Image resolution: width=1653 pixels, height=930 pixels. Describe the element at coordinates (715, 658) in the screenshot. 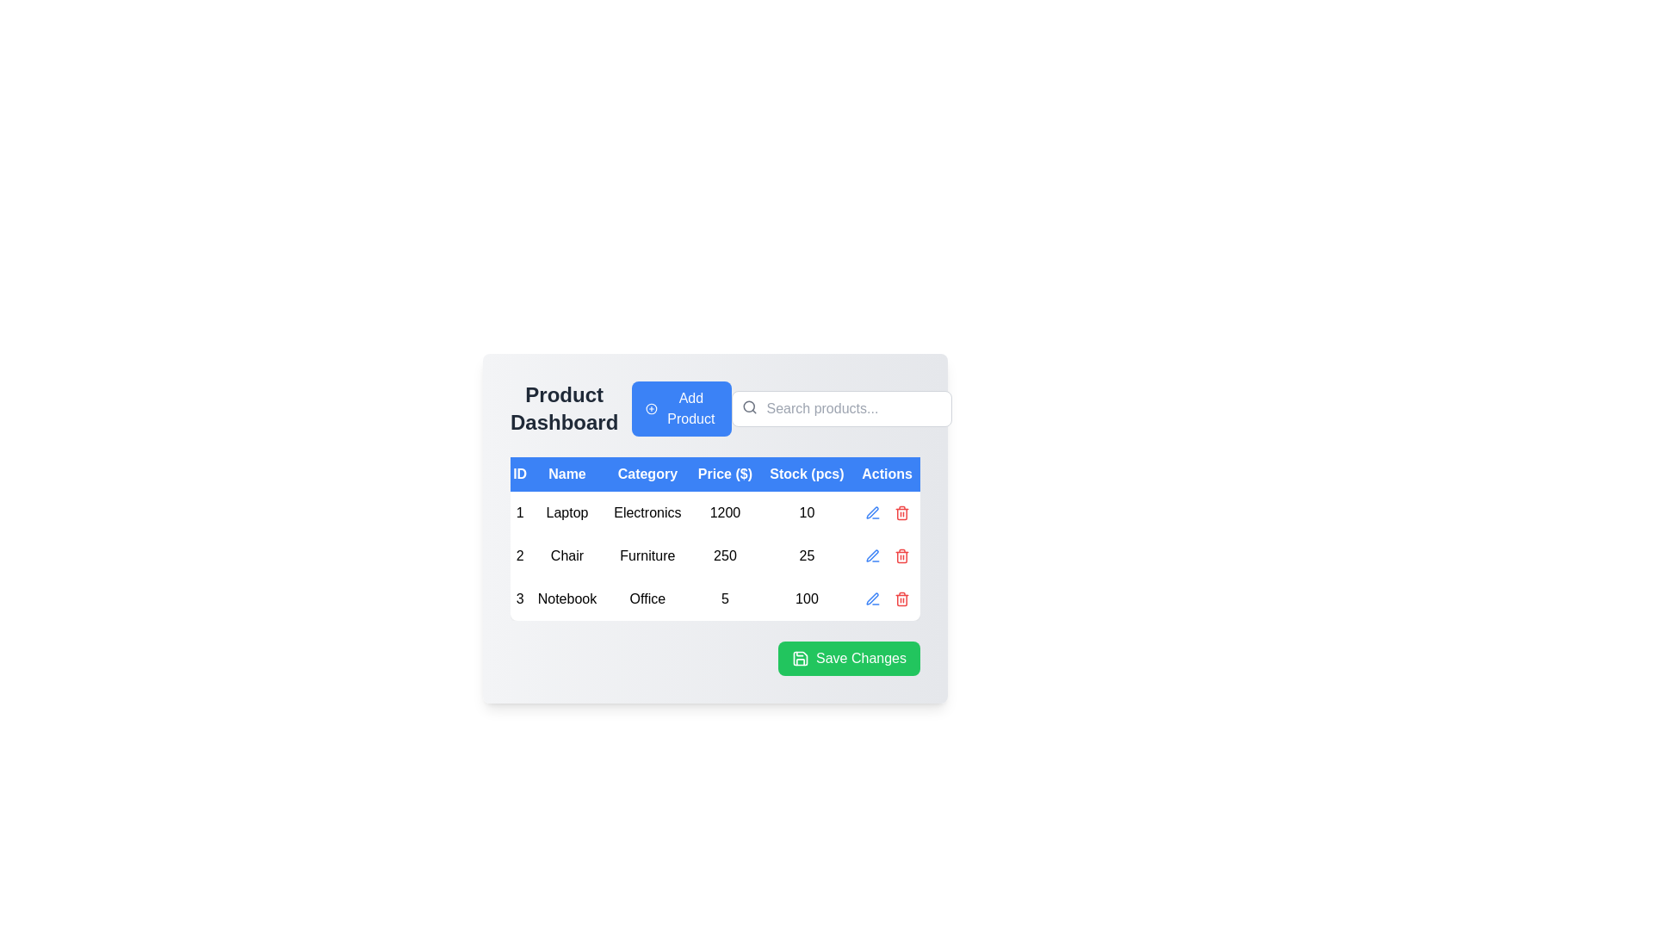

I see `the confirm and save button located in the bottom-right corner of the product management dashboard` at that location.